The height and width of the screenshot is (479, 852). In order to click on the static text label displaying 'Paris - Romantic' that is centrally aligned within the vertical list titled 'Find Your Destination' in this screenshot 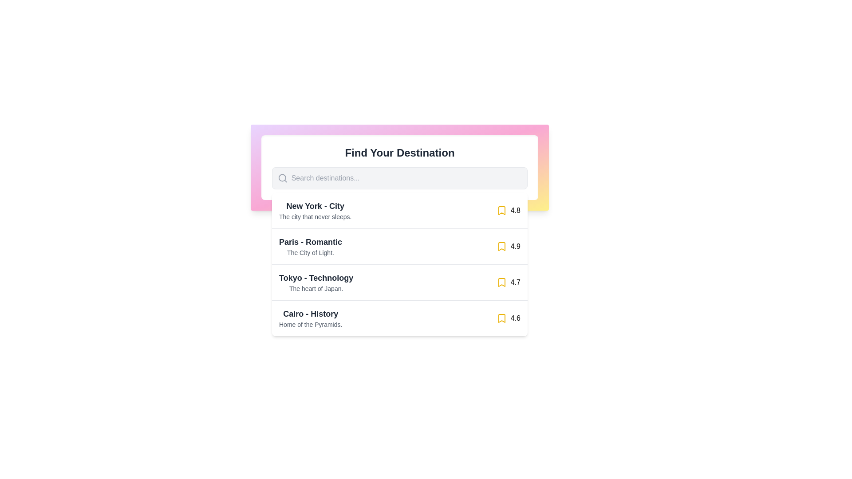, I will do `click(311, 242)`.